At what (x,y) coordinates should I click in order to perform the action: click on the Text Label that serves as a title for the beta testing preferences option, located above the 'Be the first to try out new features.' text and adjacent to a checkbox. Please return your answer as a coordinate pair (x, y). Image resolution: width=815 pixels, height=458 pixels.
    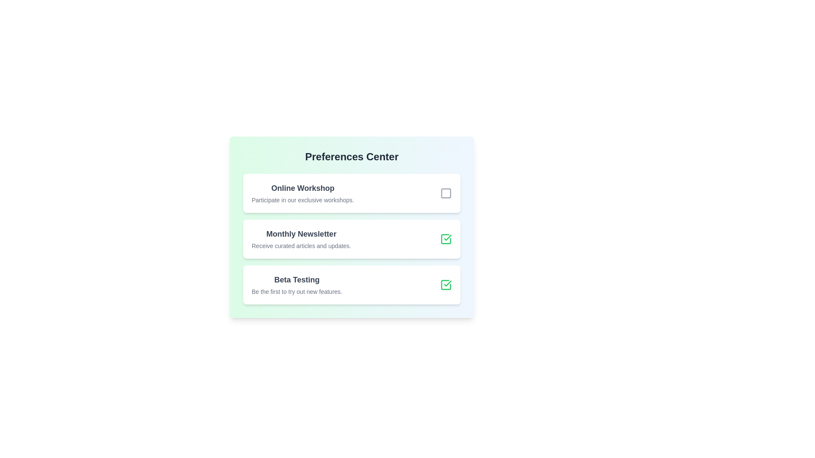
    Looking at the image, I should click on (297, 279).